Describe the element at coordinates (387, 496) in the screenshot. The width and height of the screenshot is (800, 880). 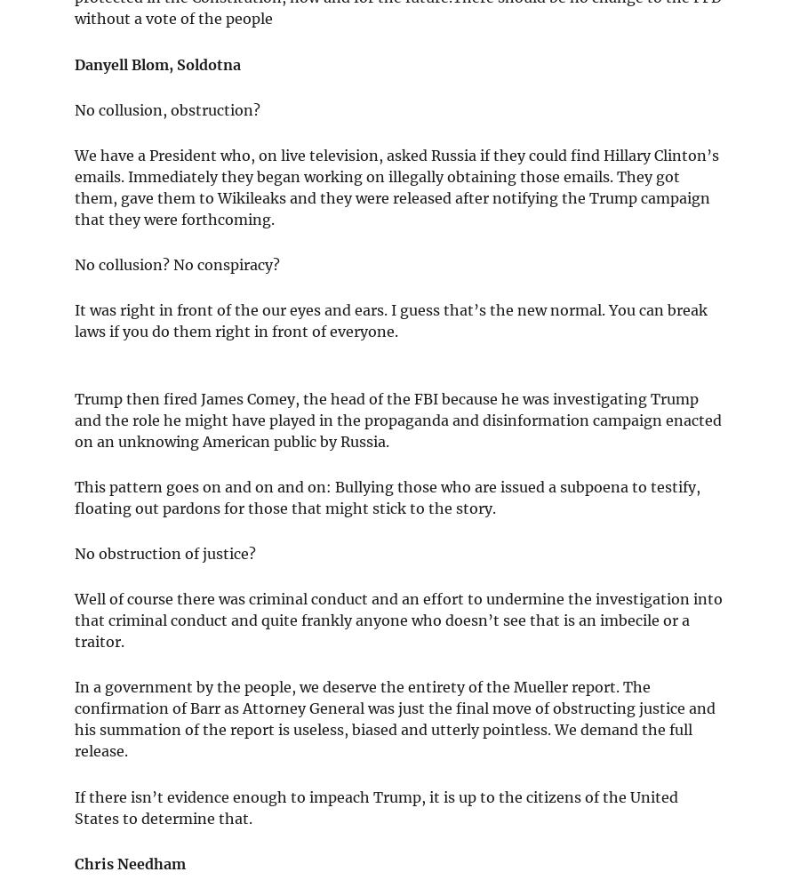
I see `'This pattern goes on and on and on: Bullying those who are issued a subpoena to testify, floating out pardons for those that might stick to the story.'` at that location.